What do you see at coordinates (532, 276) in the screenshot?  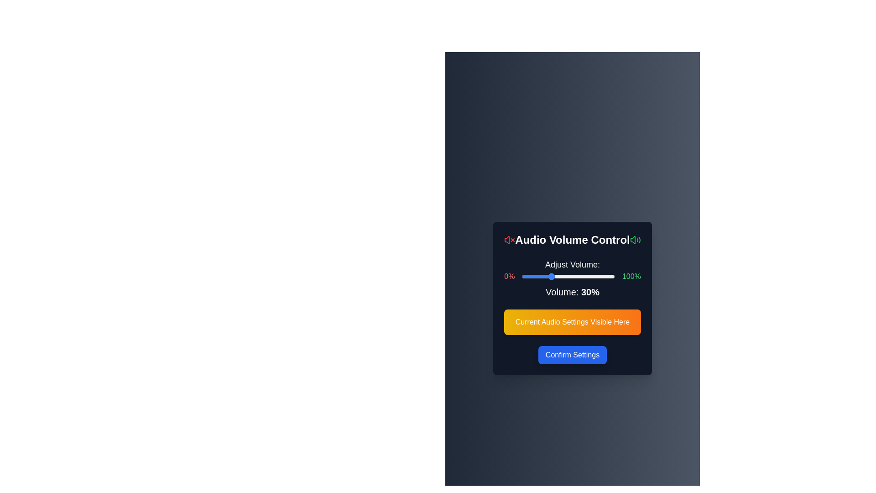 I see `the volume slider to 11%` at bounding box center [532, 276].